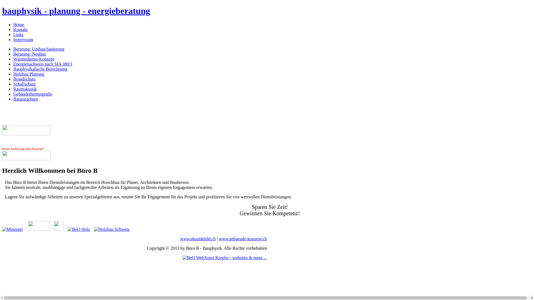 The image size is (534, 300). I want to click on 'BeO WebXpert Kiegler - websites & more ...', so click(224, 257).